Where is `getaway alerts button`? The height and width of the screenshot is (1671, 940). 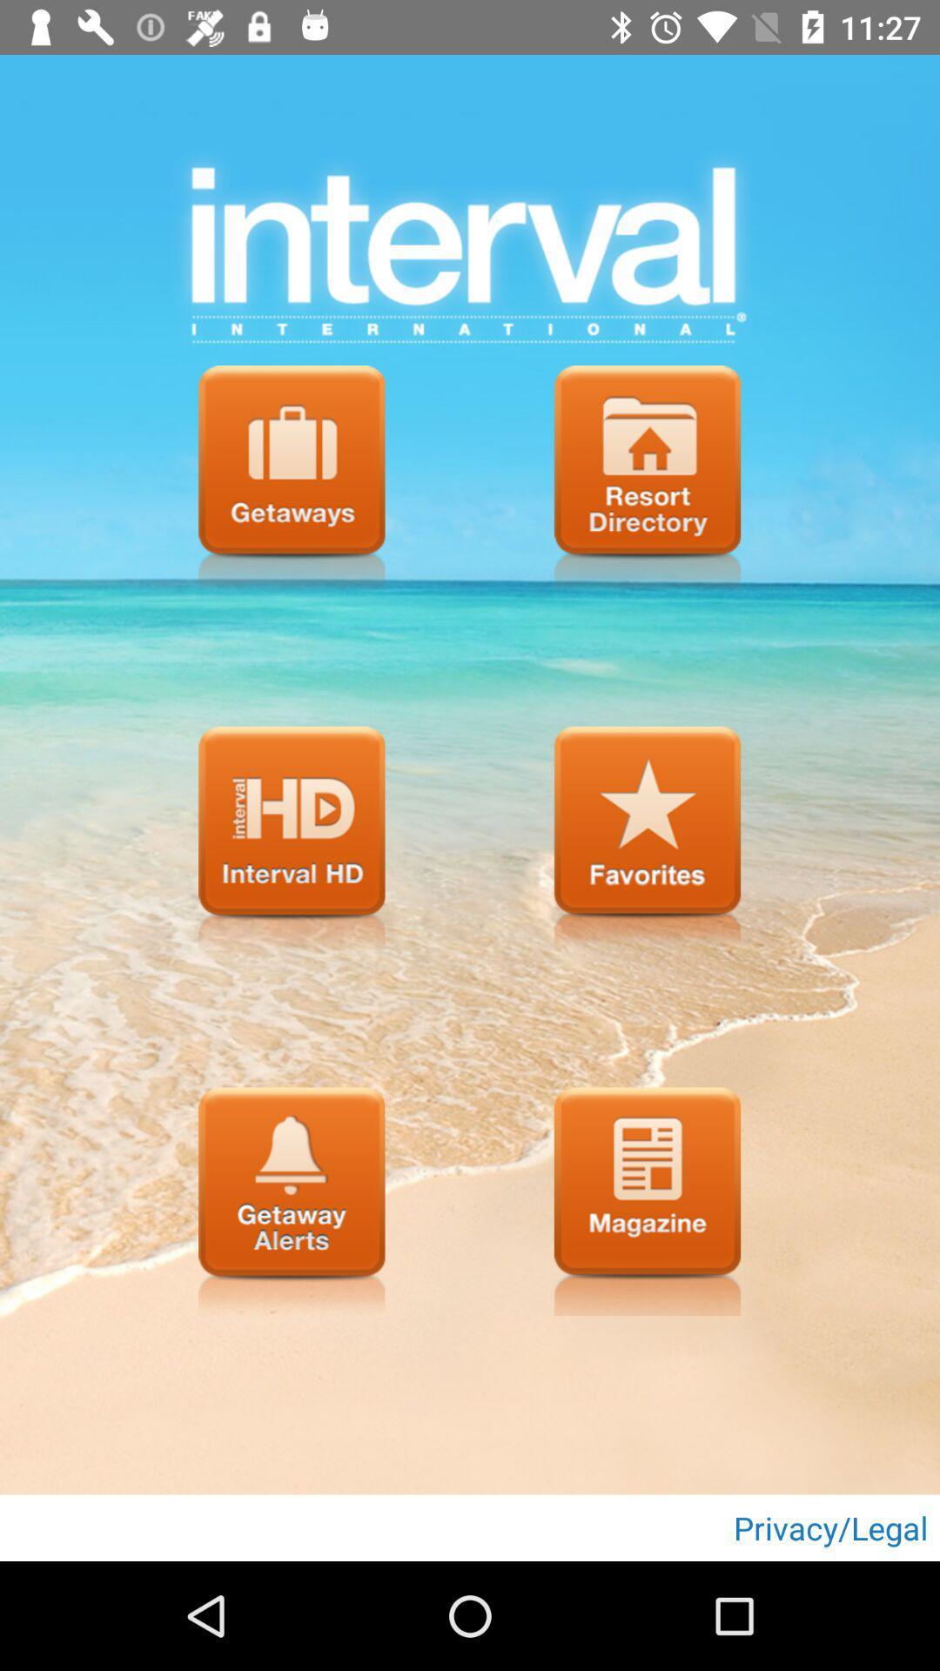 getaway alerts button is located at coordinates (291, 1200).